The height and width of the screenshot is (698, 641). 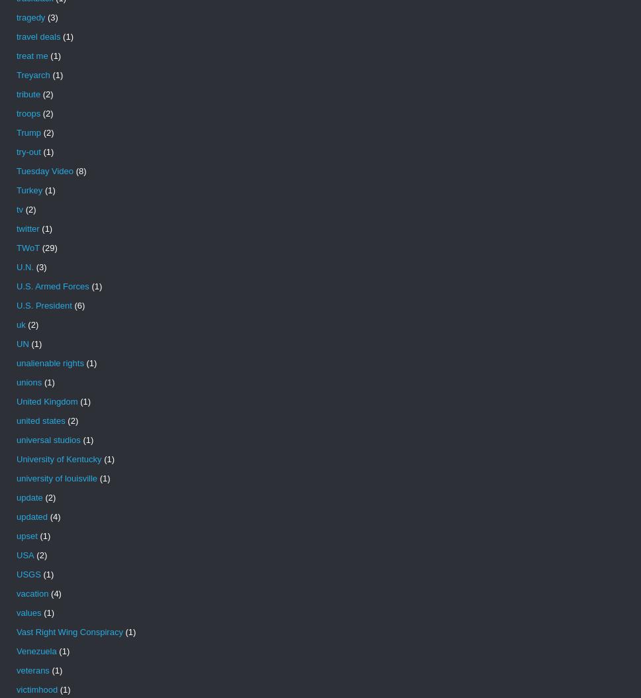 What do you see at coordinates (16, 535) in the screenshot?
I see `'upset'` at bounding box center [16, 535].